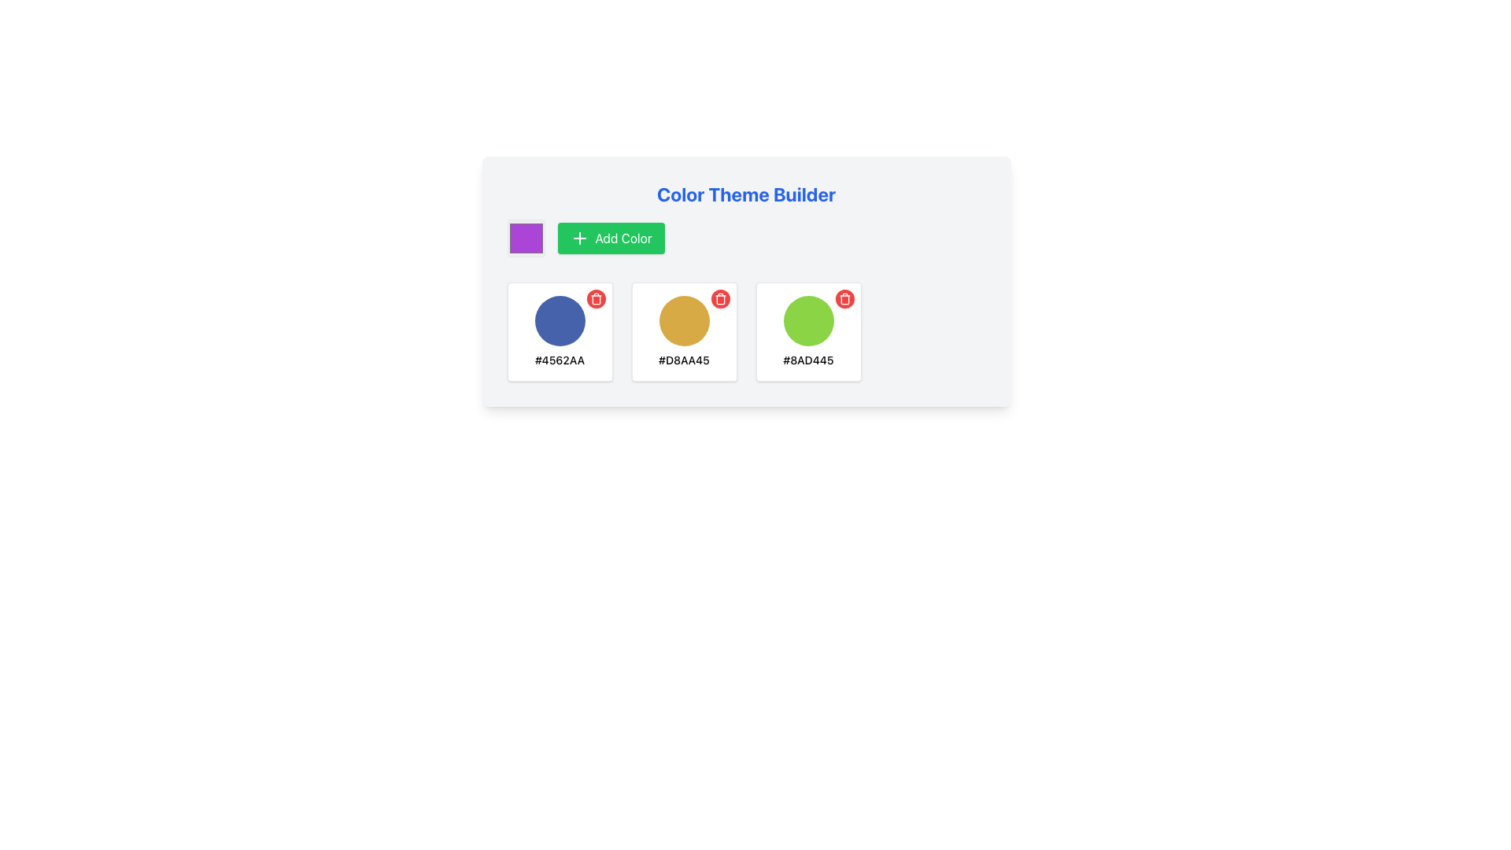 The image size is (1511, 850). What do you see at coordinates (745, 331) in the screenshot?
I see `an item in the Grid layout of the 'Color Theme Builder'` at bounding box center [745, 331].